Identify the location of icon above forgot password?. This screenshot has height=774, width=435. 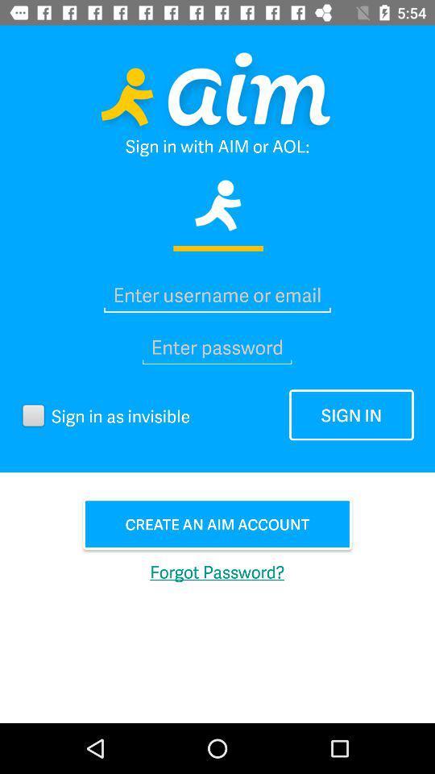
(217, 523).